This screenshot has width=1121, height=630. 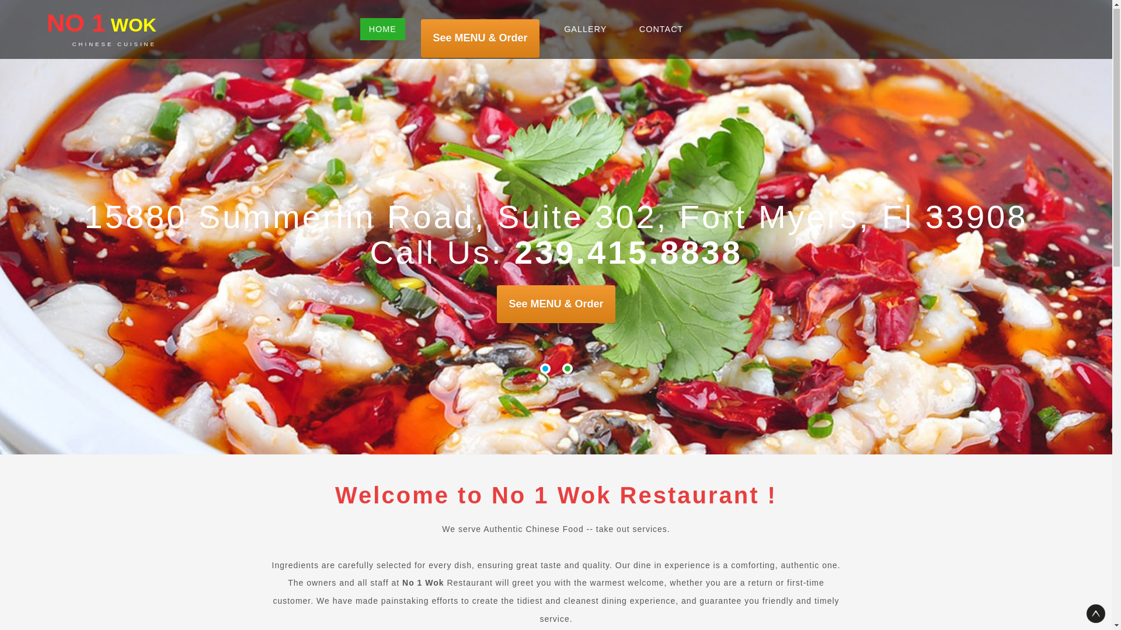 I want to click on 'CONTACT', so click(x=661, y=29).